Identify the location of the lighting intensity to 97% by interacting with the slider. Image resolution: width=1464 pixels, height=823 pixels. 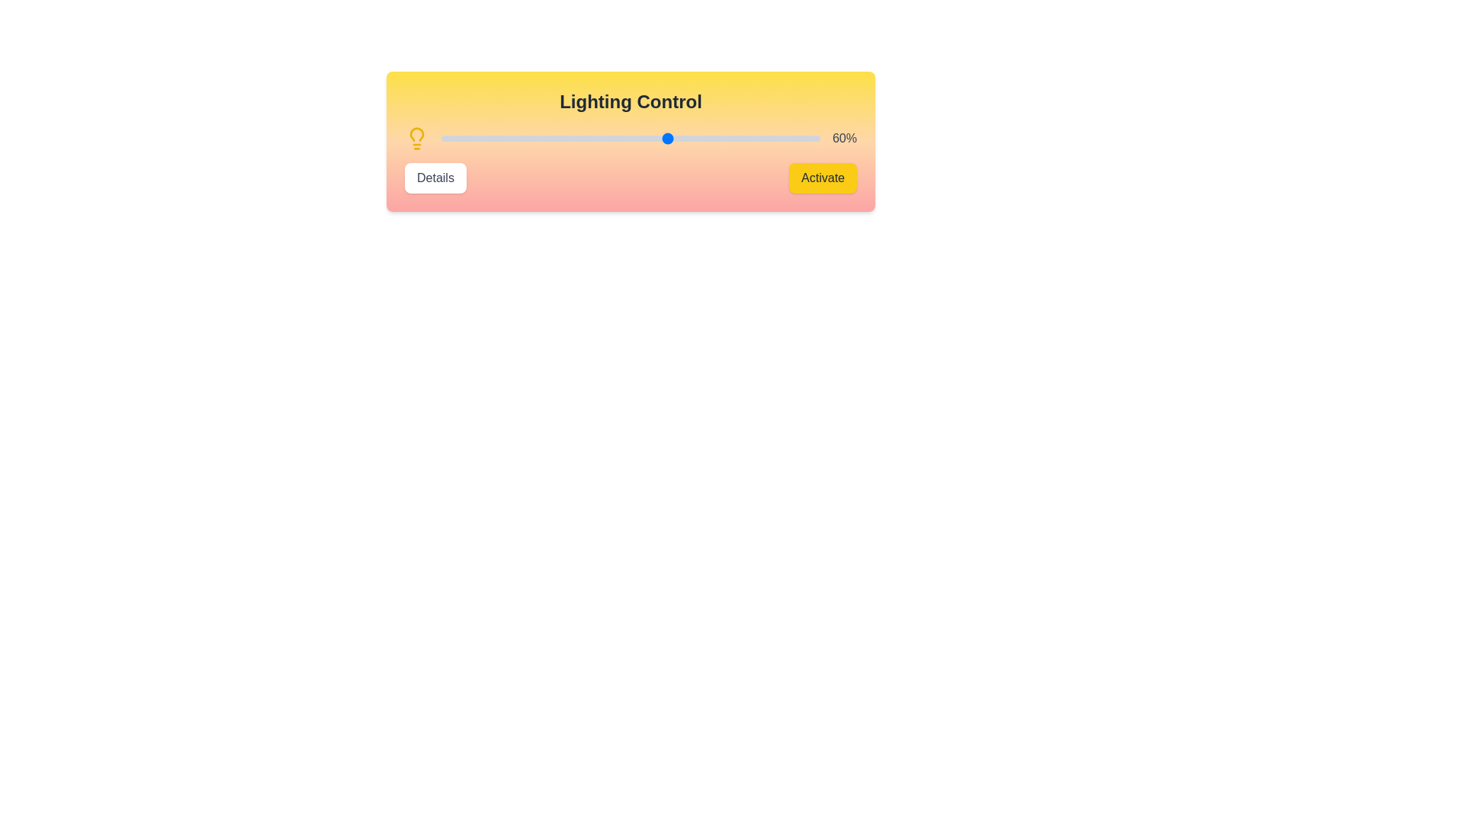
(807, 138).